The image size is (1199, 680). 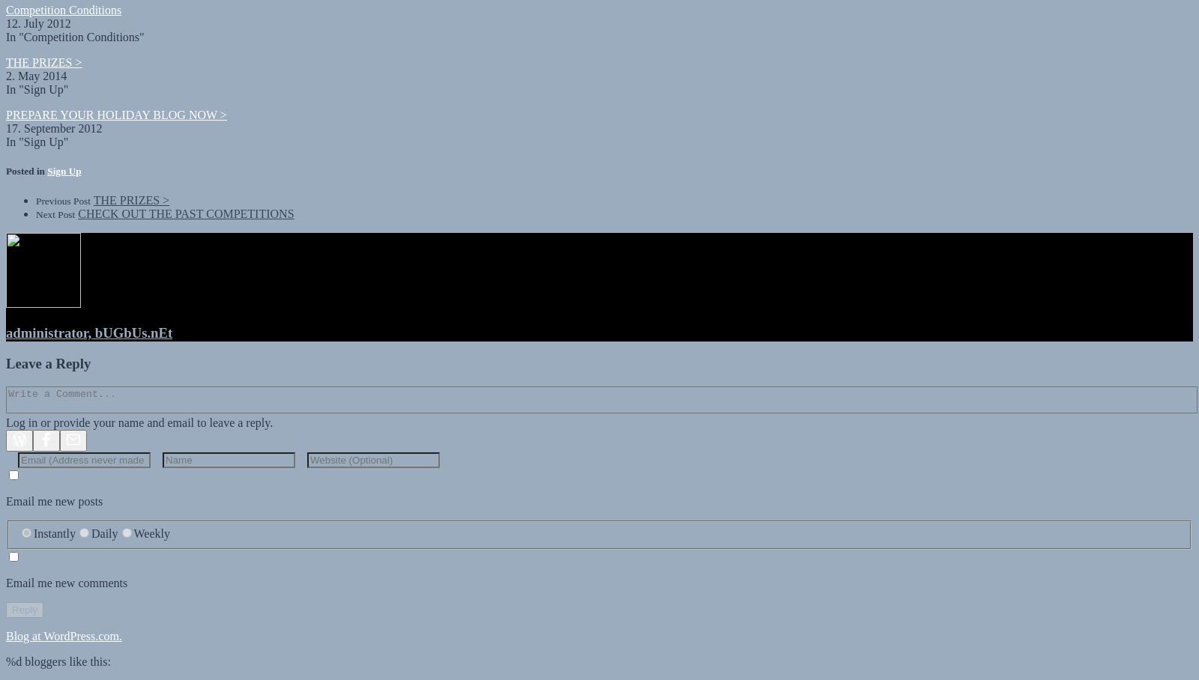 I want to click on 'PREPARE YOUR HOLIDAY BLOG NOW >', so click(x=115, y=101).